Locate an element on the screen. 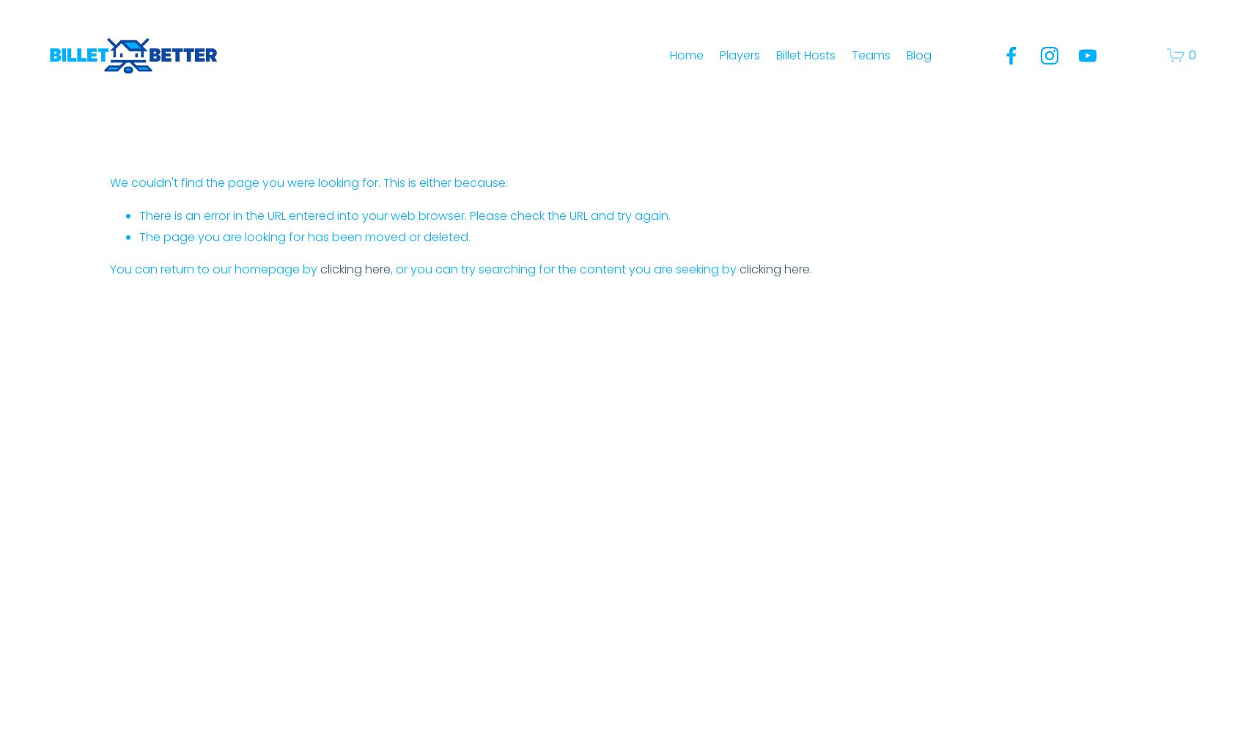 The height and width of the screenshot is (733, 1246). 'Billet Hosts' is located at coordinates (805, 54).